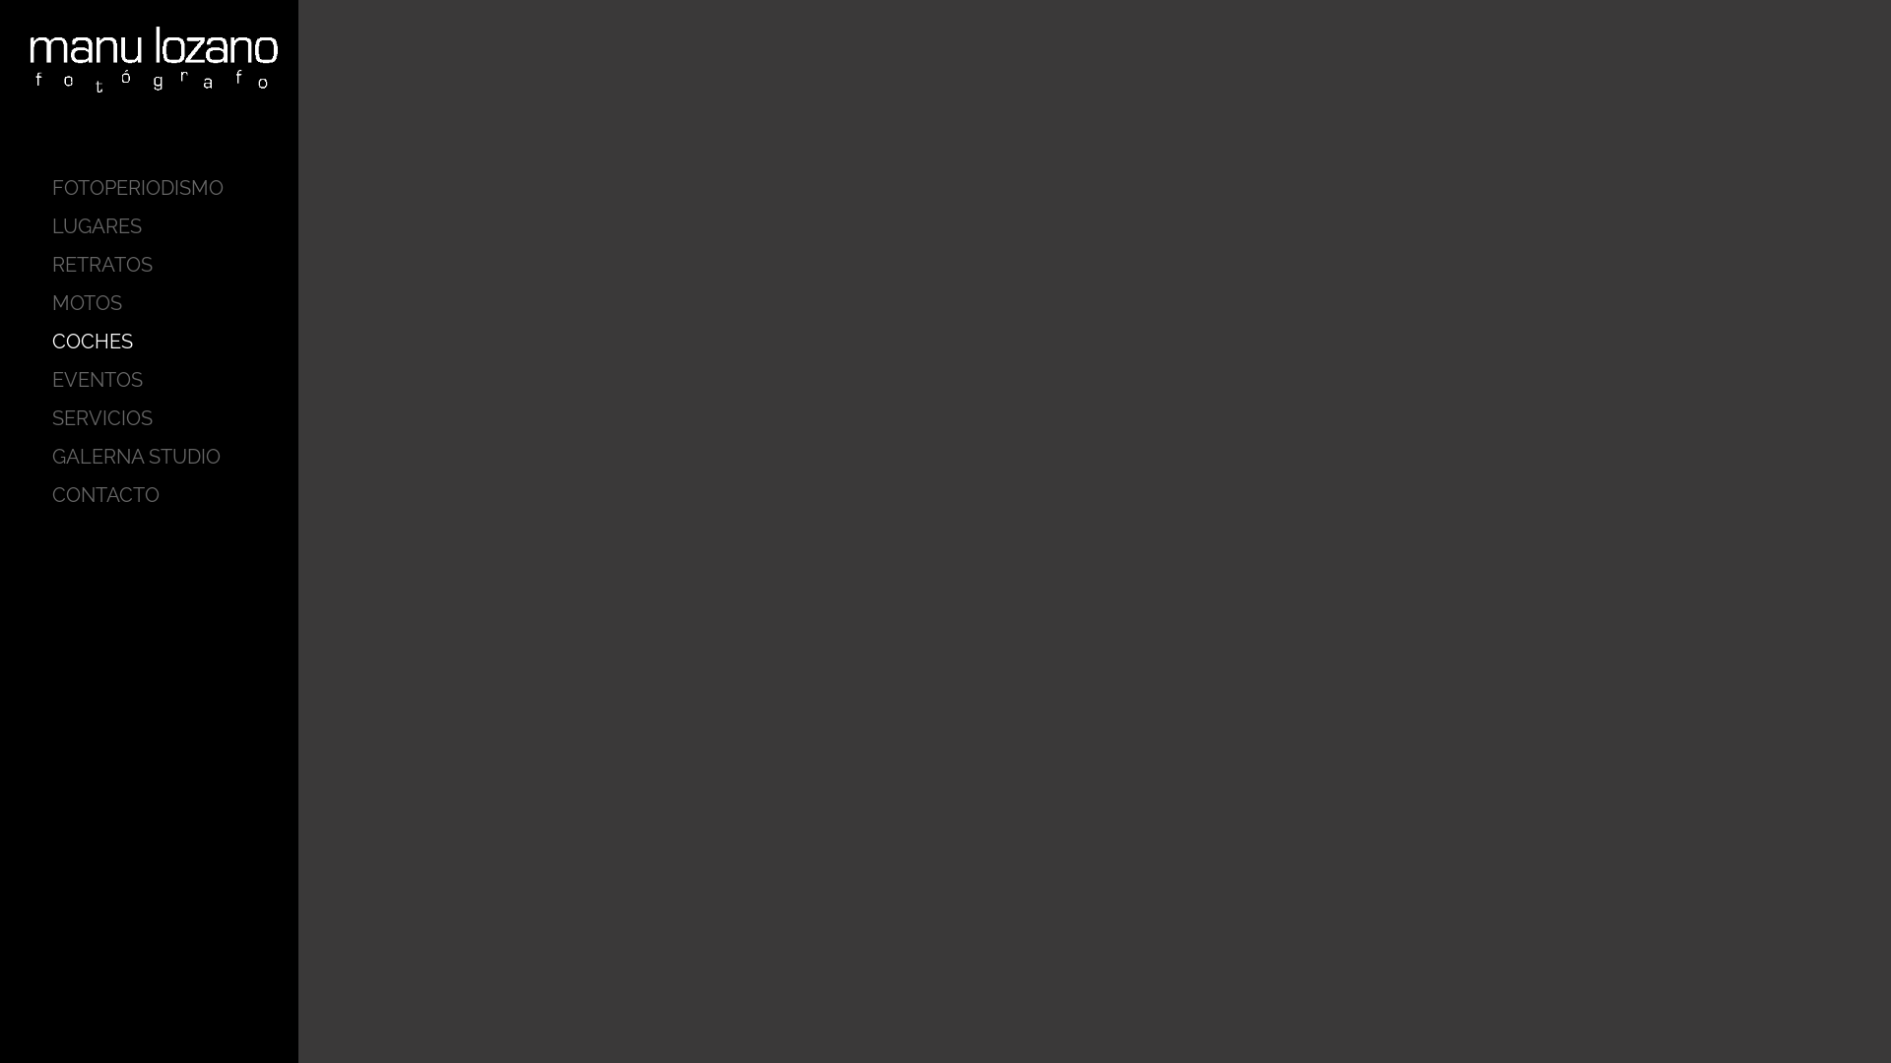 The width and height of the screenshot is (1891, 1063). What do you see at coordinates (136, 456) in the screenshot?
I see `'GALERNA STUDIO'` at bounding box center [136, 456].